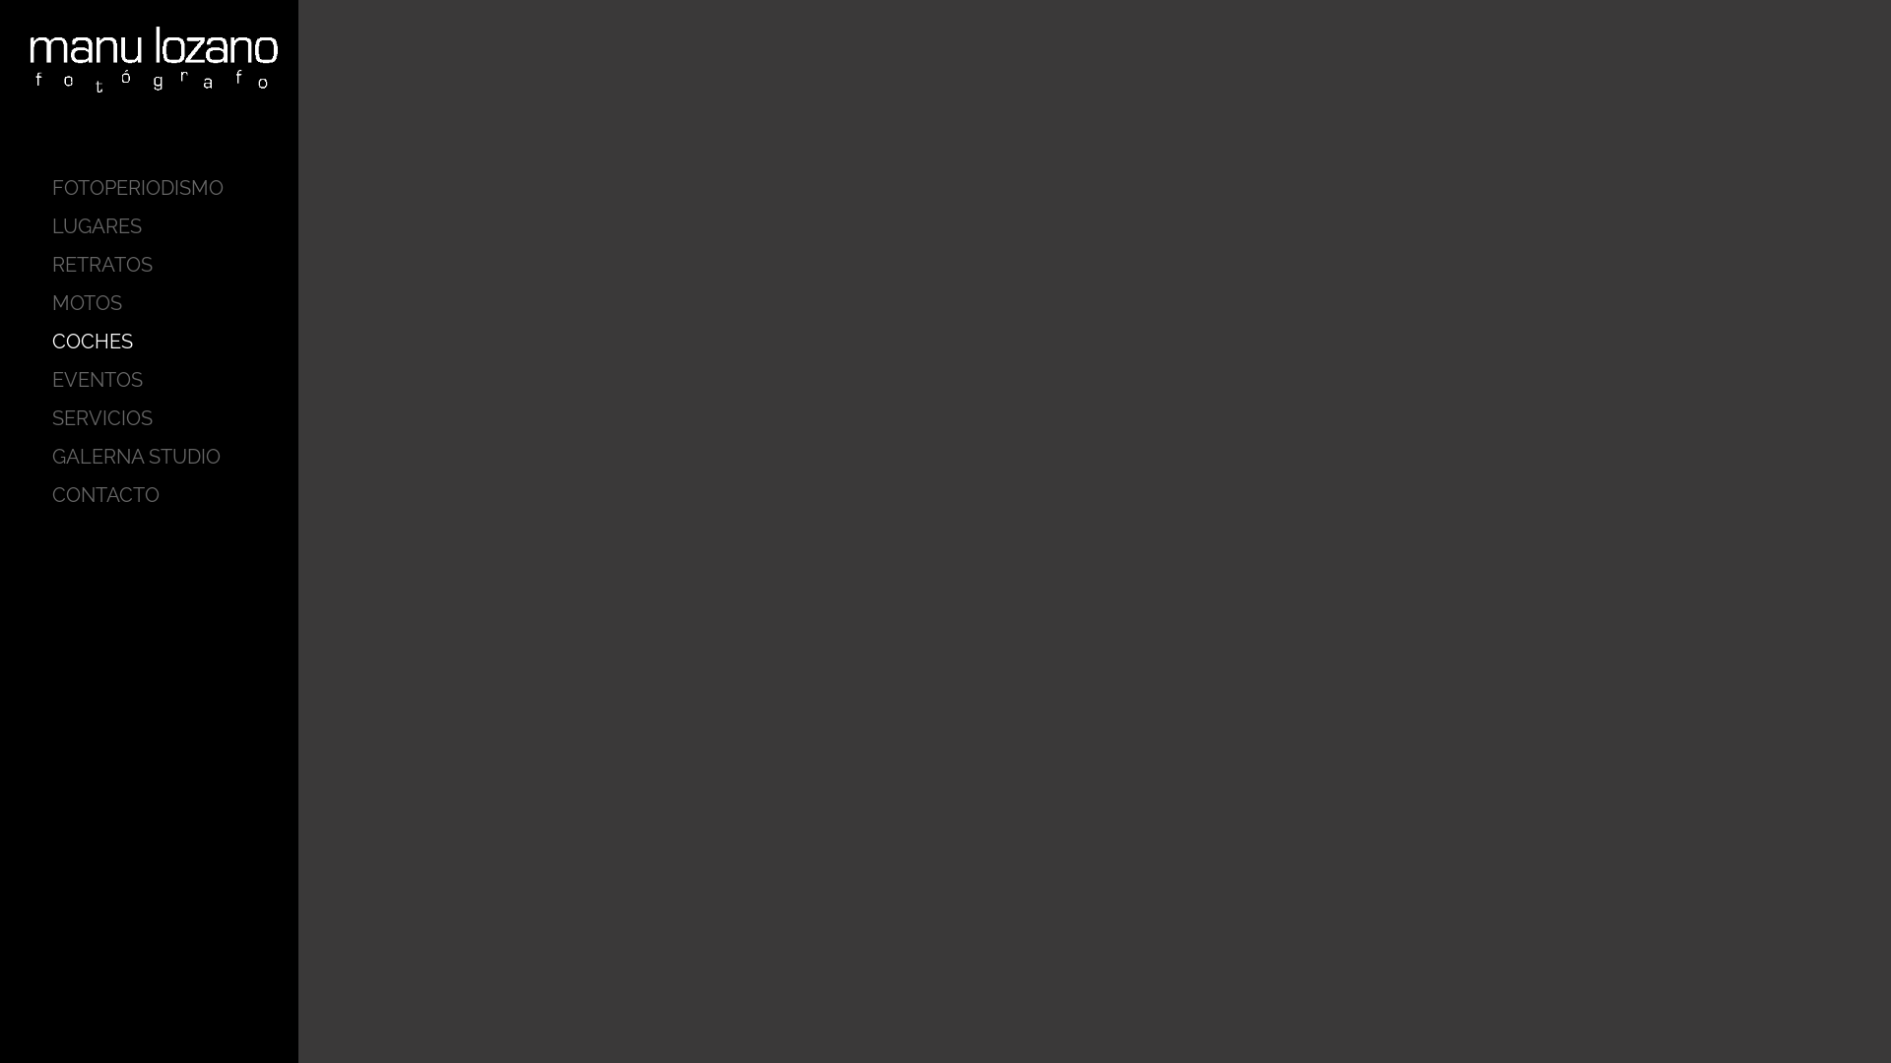 The width and height of the screenshot is (1891, 1063). What do you see at coordinates (136, 456) in the screenshot?
I see `'GALERNA STUDIO'` at bounding box center [136, 456].